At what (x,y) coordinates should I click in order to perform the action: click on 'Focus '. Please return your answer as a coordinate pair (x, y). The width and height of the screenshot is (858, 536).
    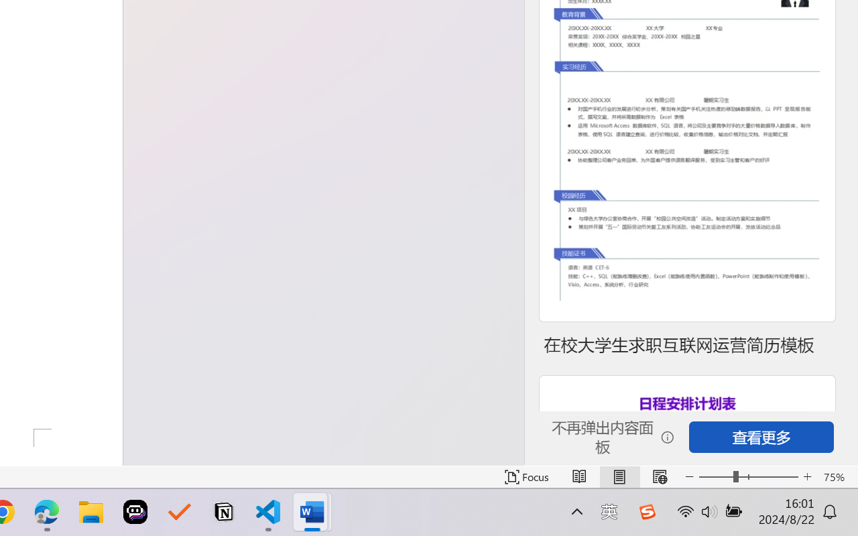
    Looking at the image, I should click on (526, 476).